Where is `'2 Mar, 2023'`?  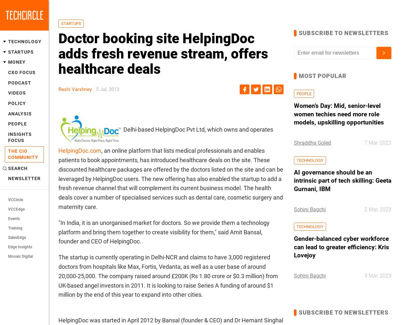
'2 Mar, 2023' is located at coordinates (378, 209).